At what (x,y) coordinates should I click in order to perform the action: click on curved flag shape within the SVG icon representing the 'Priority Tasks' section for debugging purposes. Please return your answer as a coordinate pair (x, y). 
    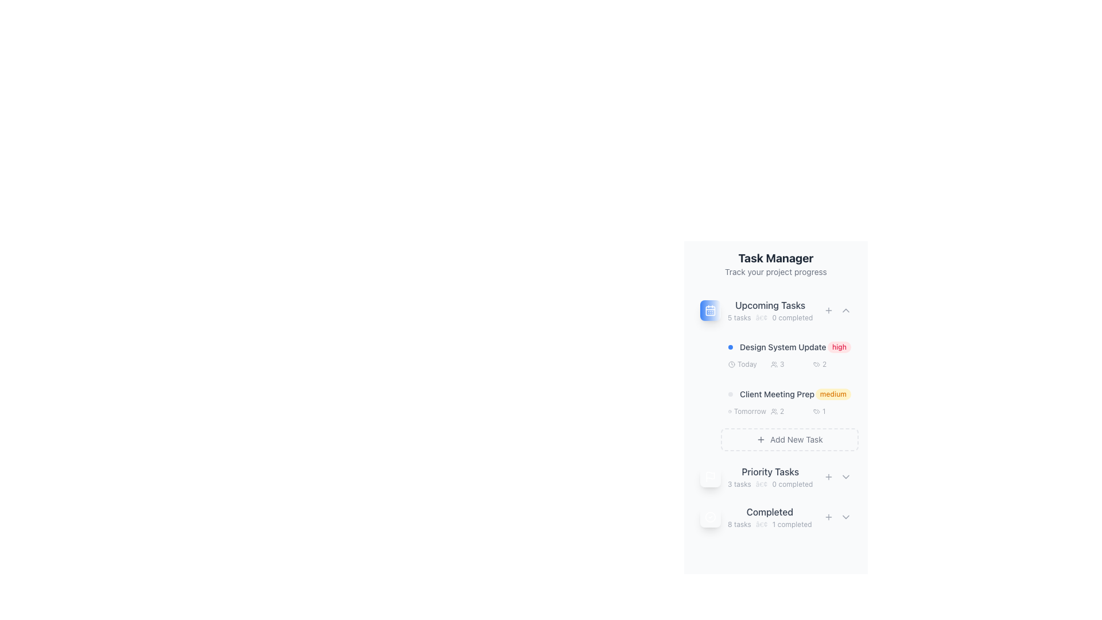
    Looking at the image, I should click on (710, 475).